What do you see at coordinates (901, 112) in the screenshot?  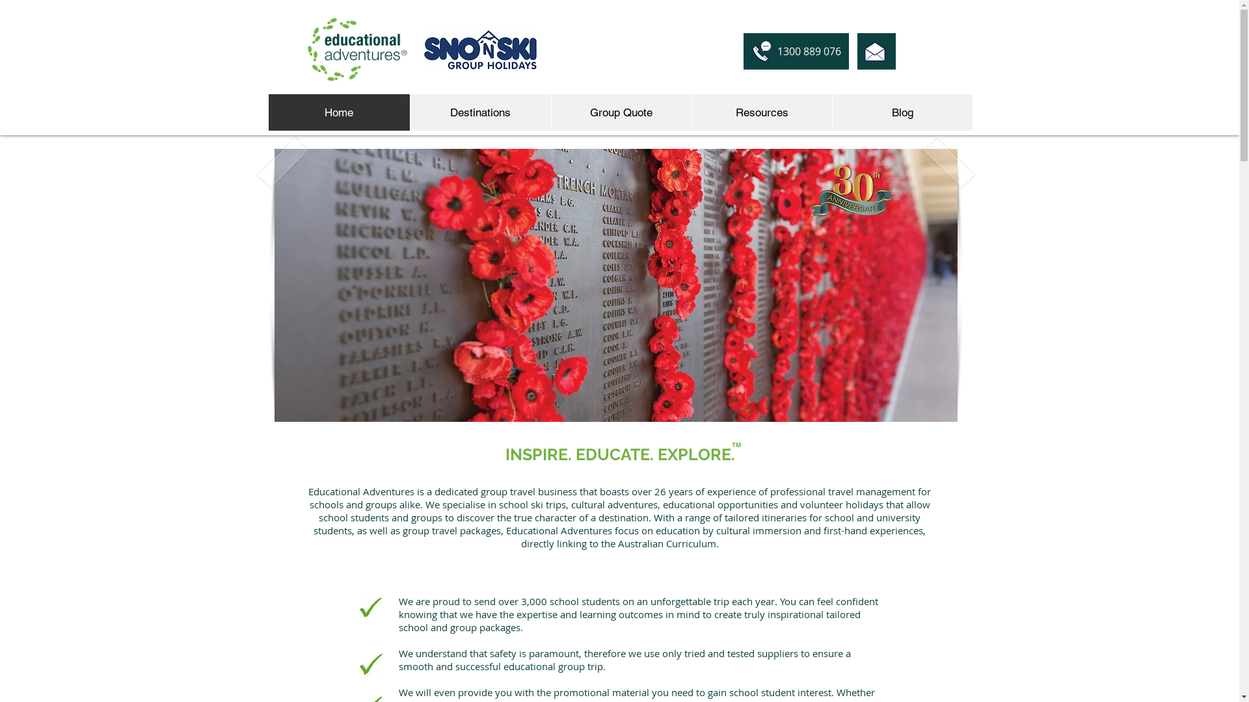 I see `'Blog'` at bounding box center [901, 112].